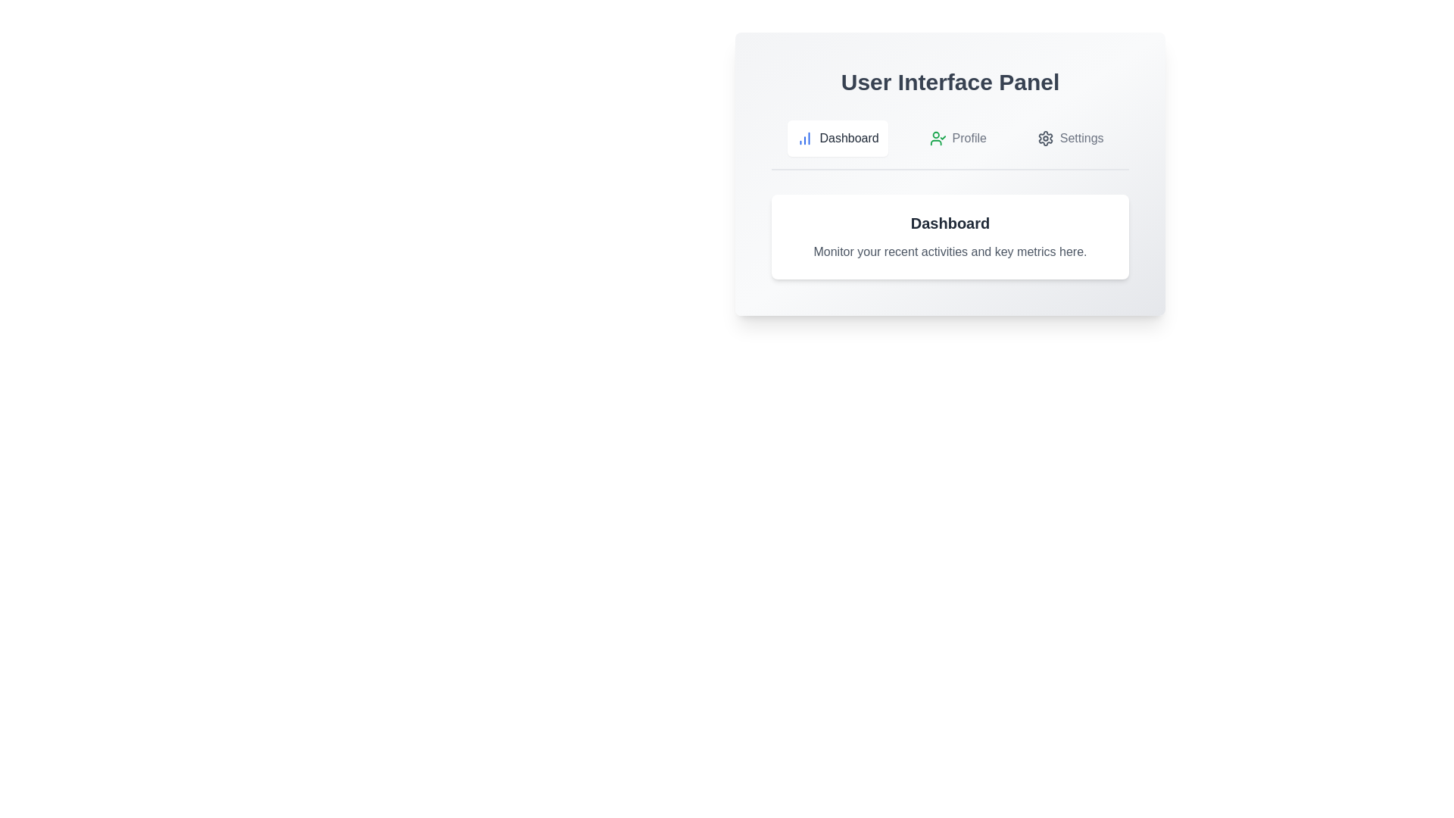 This screenshot has width=1454, height=818. What do you see at coordinates (1069, 138) in the screenshot?
I see `the Settings tab by clicking on its button` at bounding box center [1069, 138].